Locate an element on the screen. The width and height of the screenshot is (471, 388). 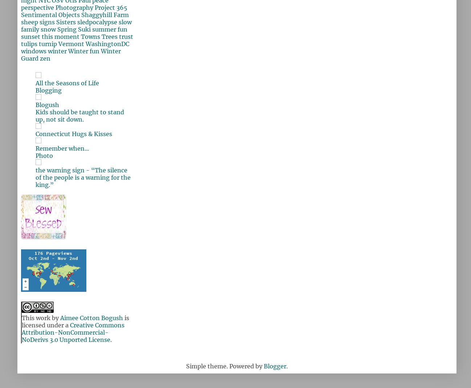
'Where y'all are from' is located at coordinates (21, 295).